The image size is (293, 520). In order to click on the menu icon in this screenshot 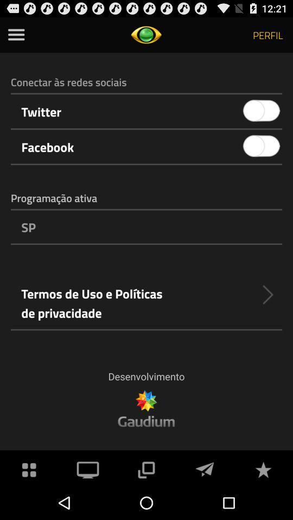, I will do `click(16, 37)`.